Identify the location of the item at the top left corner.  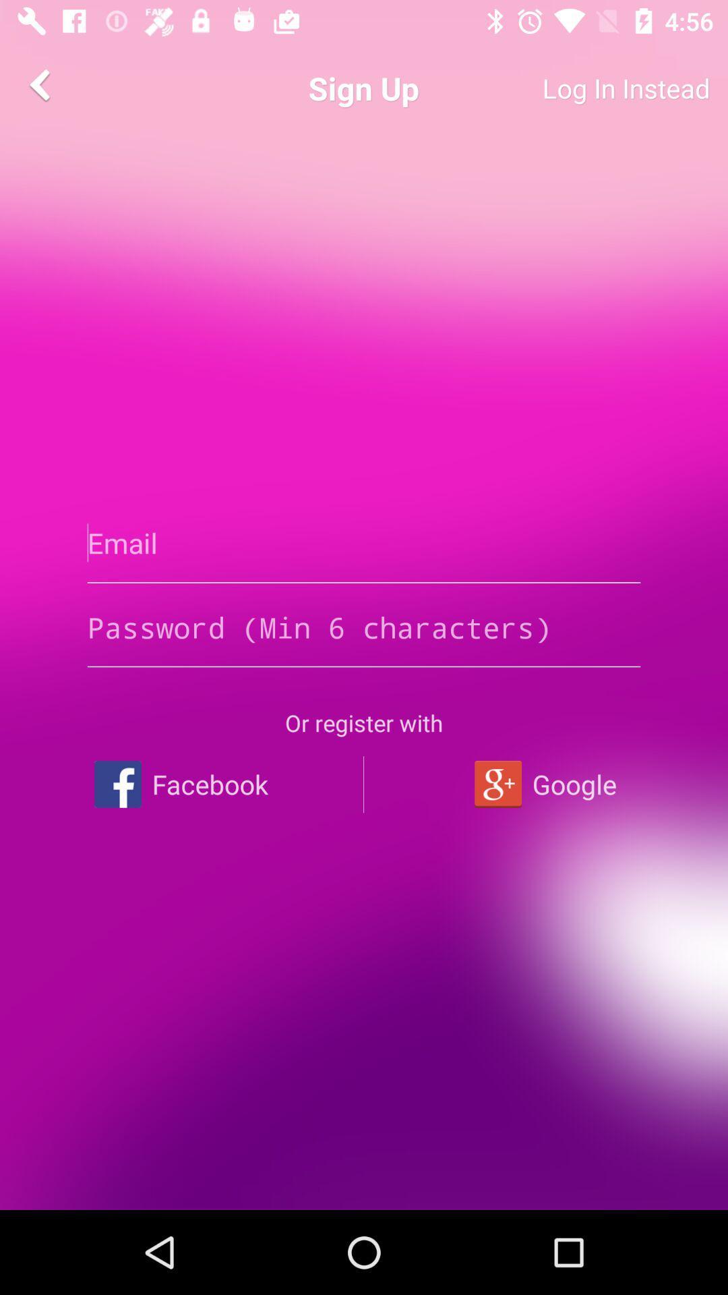
(41, 84).